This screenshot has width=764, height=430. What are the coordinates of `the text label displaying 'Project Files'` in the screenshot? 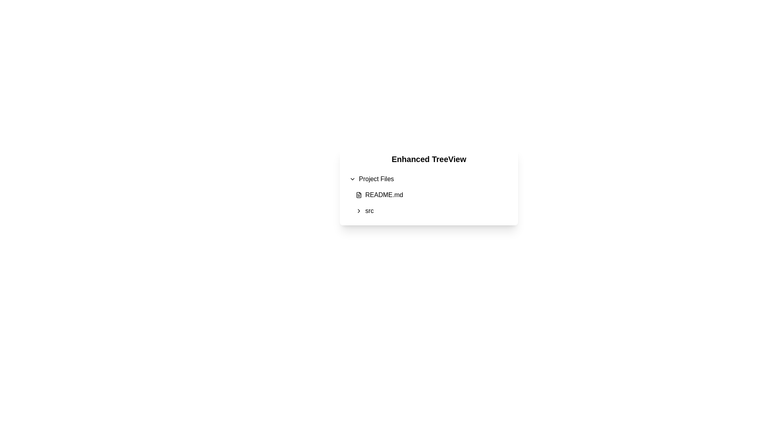 It's located at (376, 179).